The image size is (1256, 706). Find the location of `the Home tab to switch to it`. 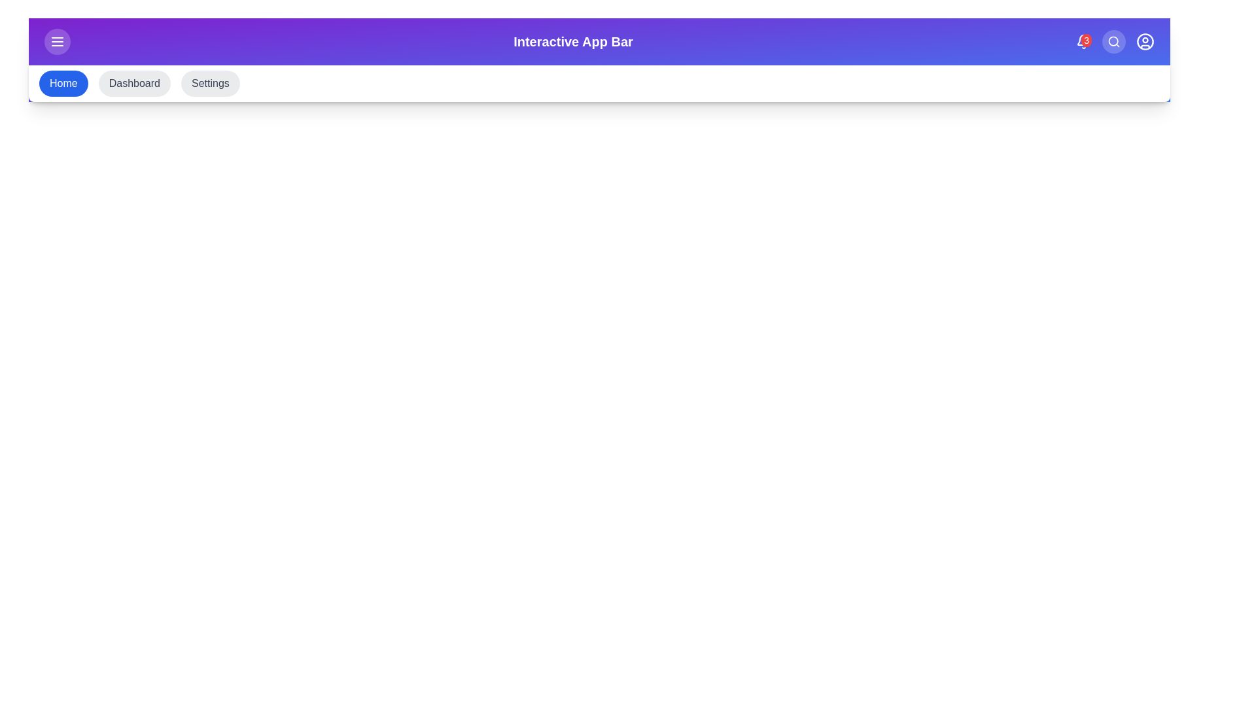

the Home tab to switch to it is located at coordinates (62, 83).